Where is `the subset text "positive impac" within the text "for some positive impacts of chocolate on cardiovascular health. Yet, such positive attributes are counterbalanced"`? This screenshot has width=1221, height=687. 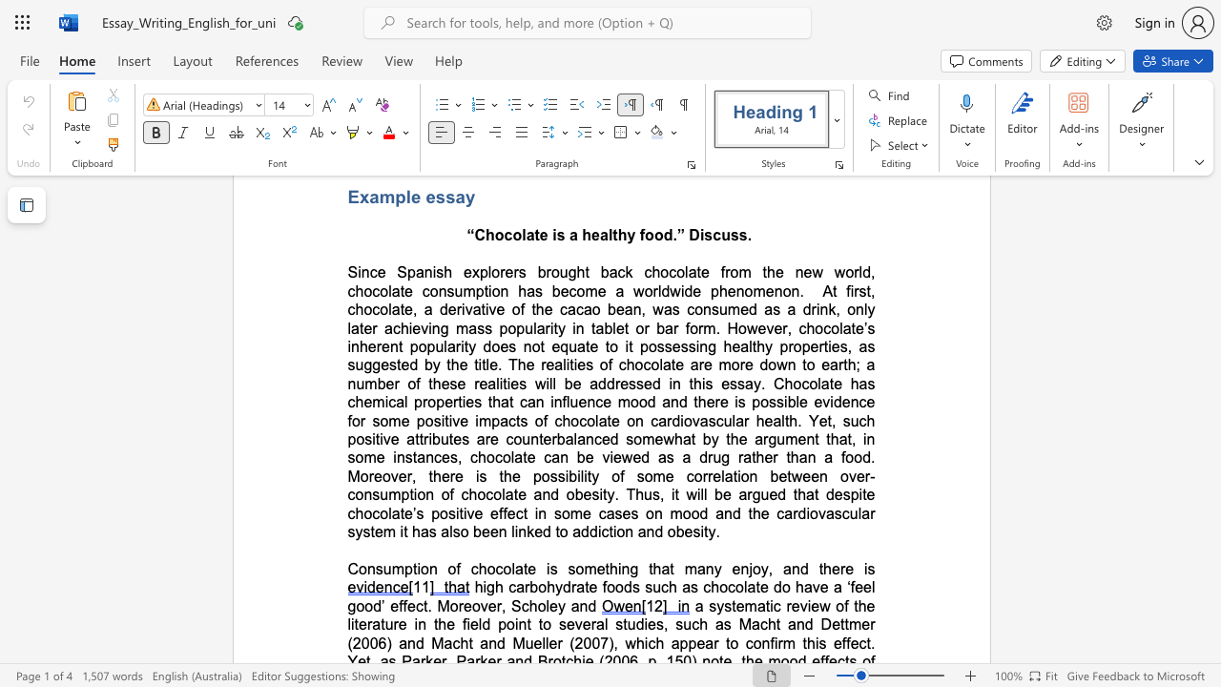 the subset text "positive impac" within the text "for some positive impacts of chocolate on cardiovascular health. Yet, such positive attributes are counterbalanced" is located at coordinates (415, 420).